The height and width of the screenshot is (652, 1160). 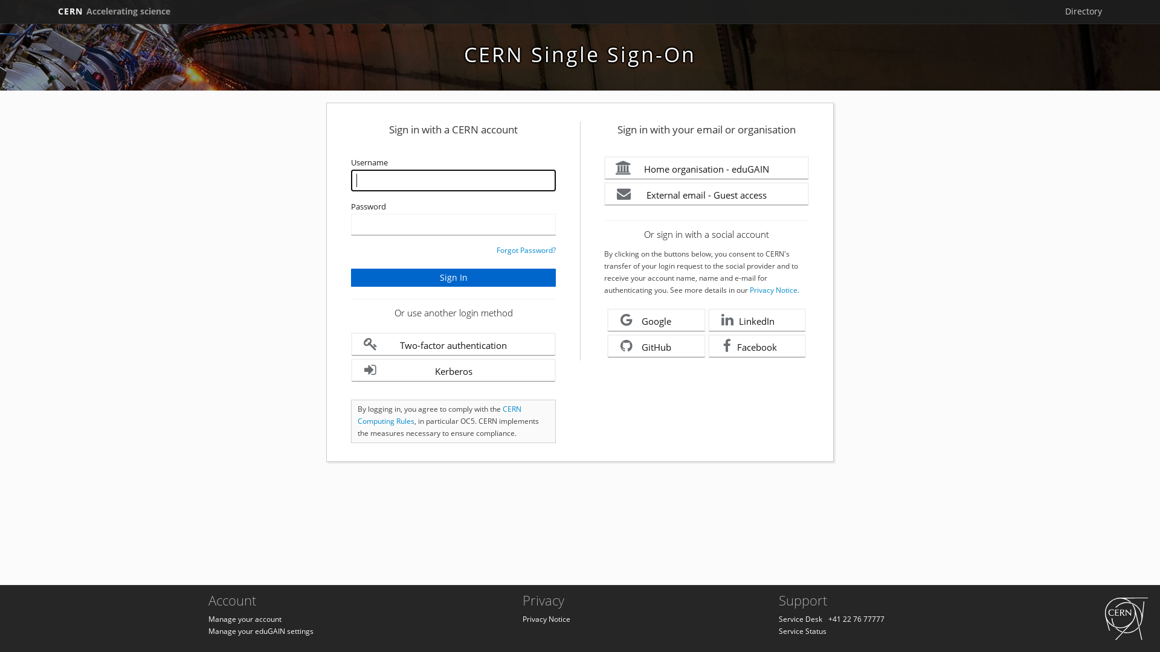 What do you see at coordinates (453, 344) in the screenshot?
I see `'Two-factor authentication'` at bounding box center [453, 344].